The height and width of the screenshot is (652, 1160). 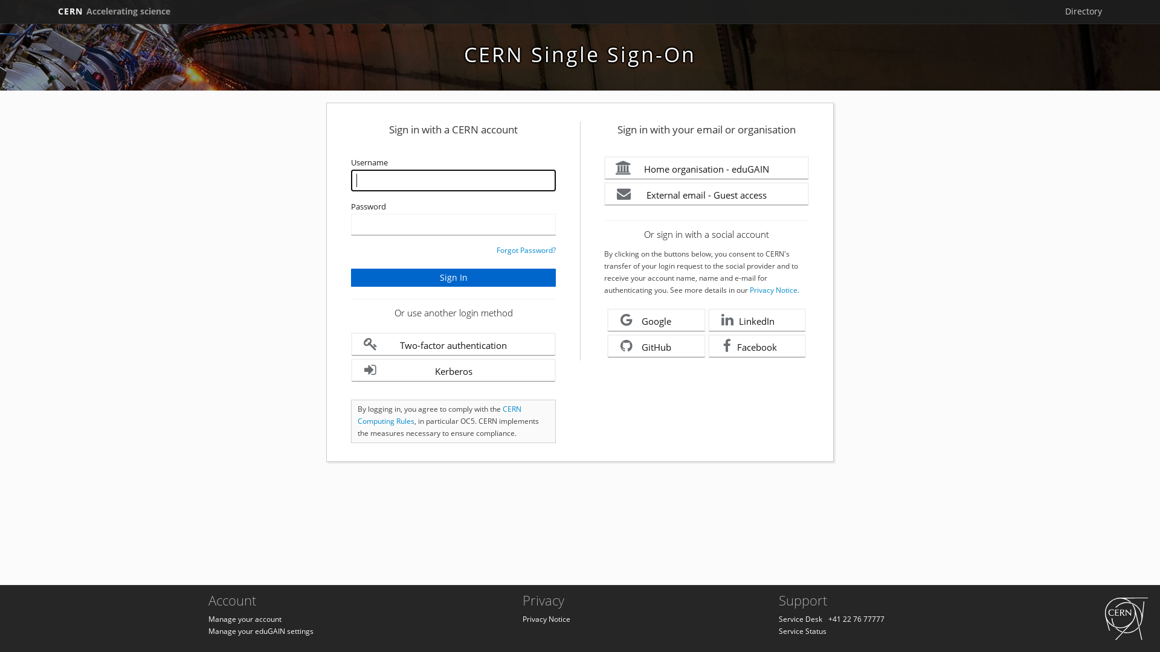 What do you see at coordinates (453, 344) in the screenshot?
I see `'Two-factor authentication'` at bounding box center [453, 344].